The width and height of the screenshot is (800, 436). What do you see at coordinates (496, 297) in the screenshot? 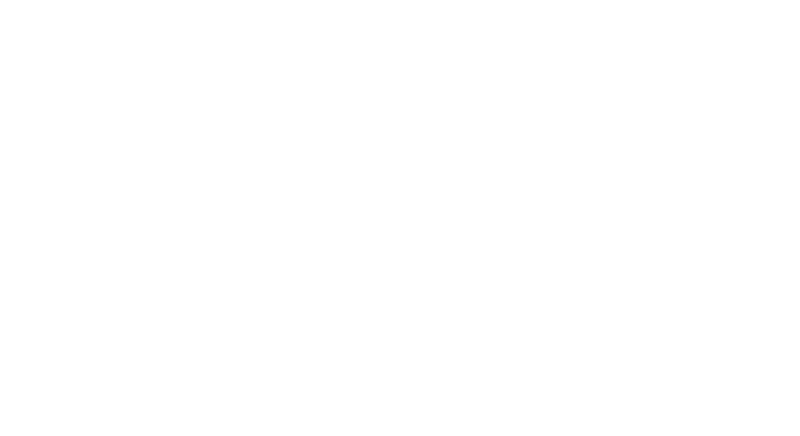
I see `'Media'` at bounding box center [496, 297].